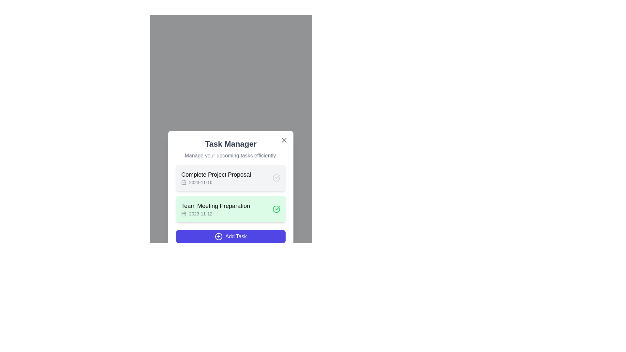 The width and height of the screenshot is (626, 352). Describe the element at coordinates (231, 144) in the screenshot. I see `the bold title text 'Task Manager' which is styled with a large font size and dark gray color, indicating its prominence as a header` at that location.